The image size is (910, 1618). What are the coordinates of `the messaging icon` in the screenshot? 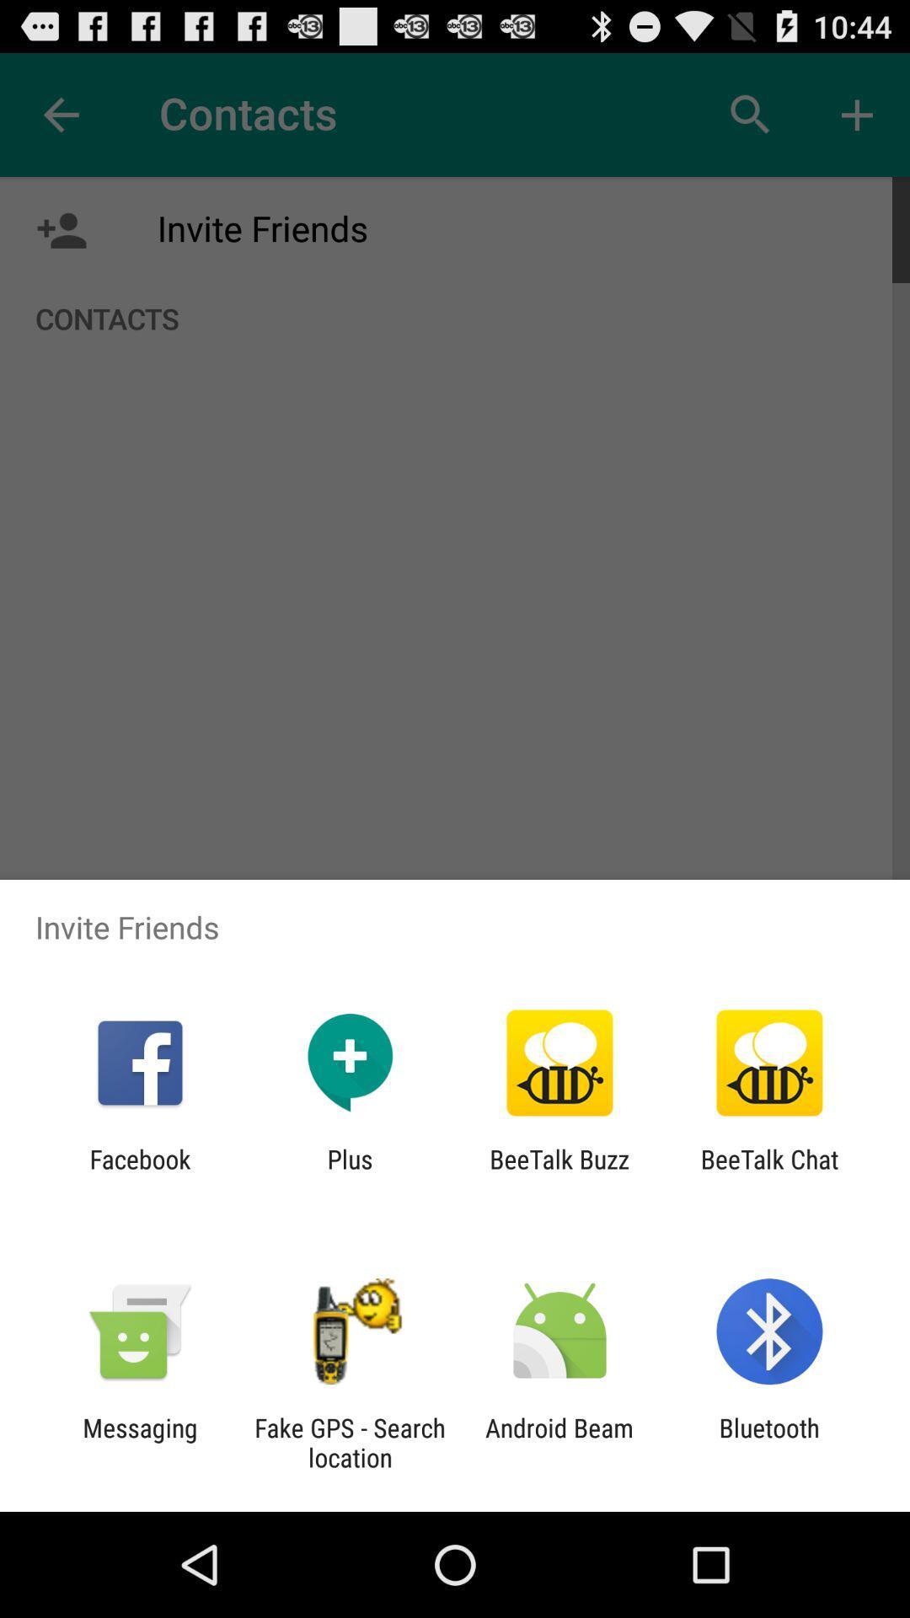 It's located at (139, 1442).